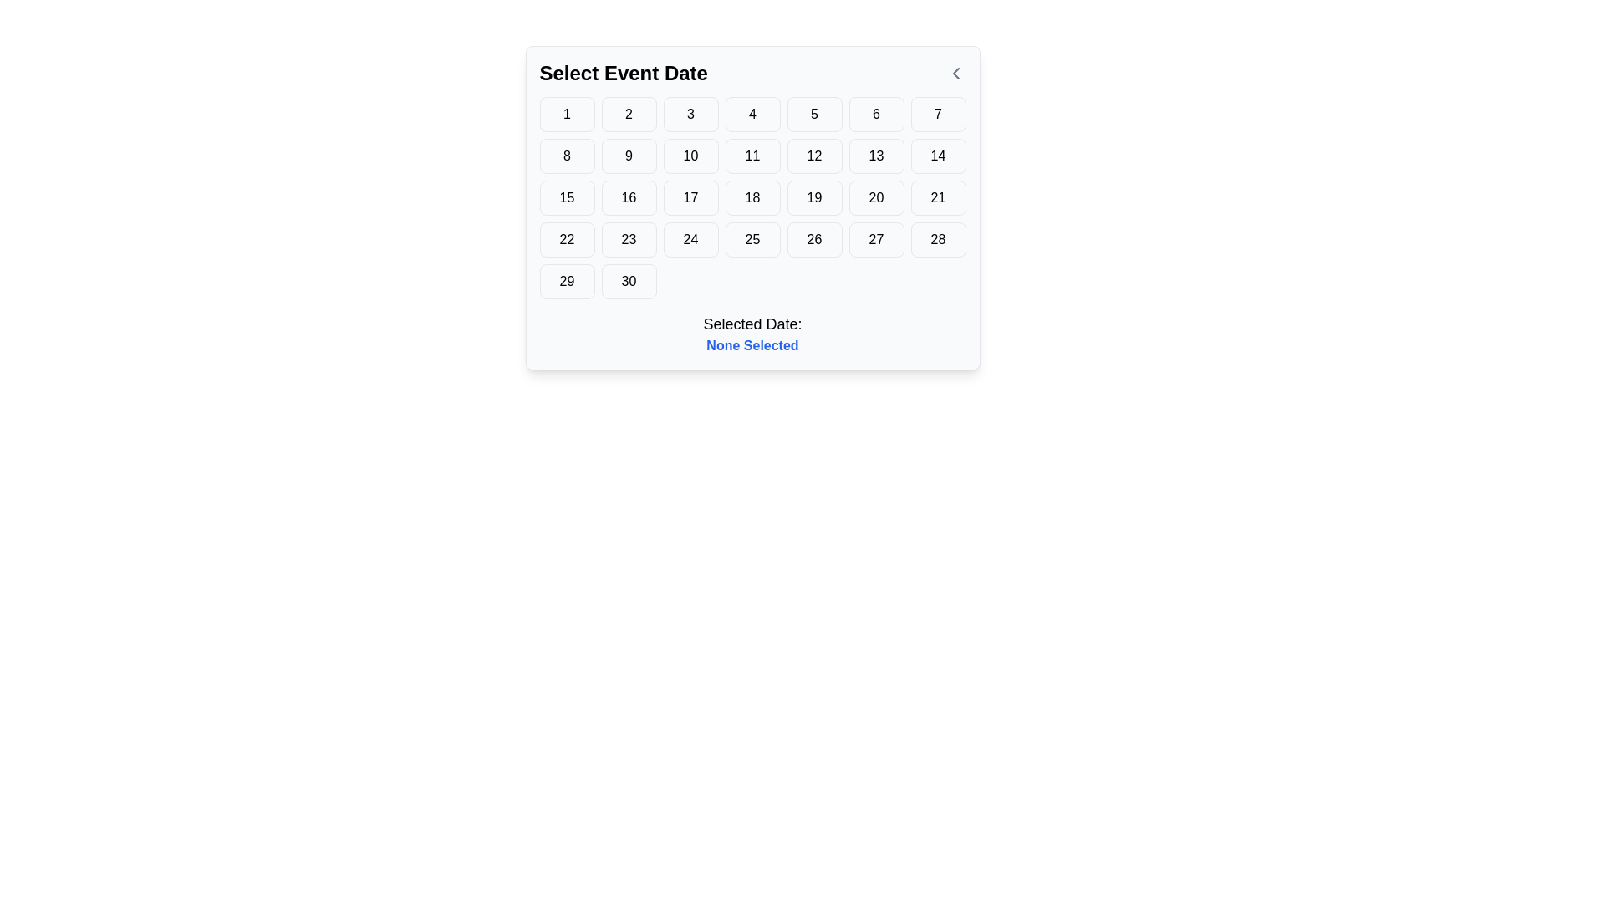  Describe the element at coordinates (752, 114) in the screenshot. I see `the rounded rectangular button with a white background and a black numeral '4' centered in it` at that location.